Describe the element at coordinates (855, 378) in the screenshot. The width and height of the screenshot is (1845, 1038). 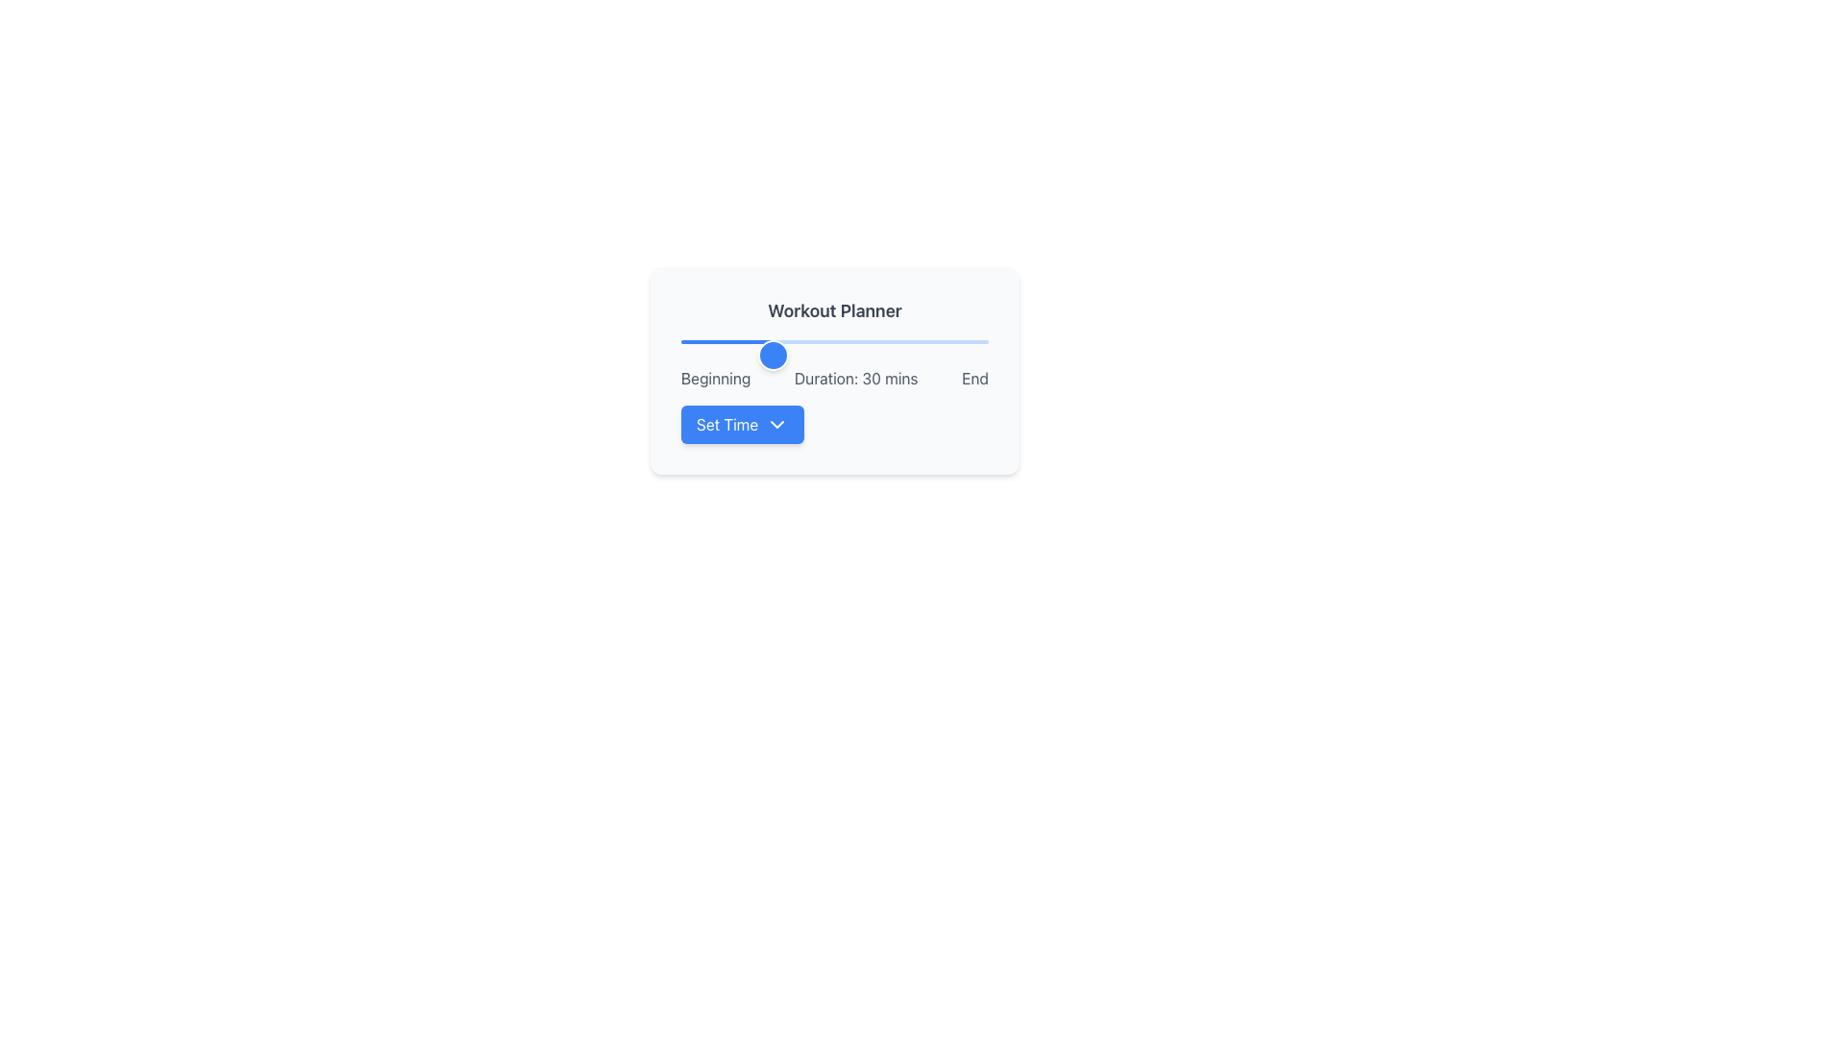
I see `the content of the text label displaying 'Duration: 30 mins', which is visually centered between 'Beginning' and 'End'` at that location.